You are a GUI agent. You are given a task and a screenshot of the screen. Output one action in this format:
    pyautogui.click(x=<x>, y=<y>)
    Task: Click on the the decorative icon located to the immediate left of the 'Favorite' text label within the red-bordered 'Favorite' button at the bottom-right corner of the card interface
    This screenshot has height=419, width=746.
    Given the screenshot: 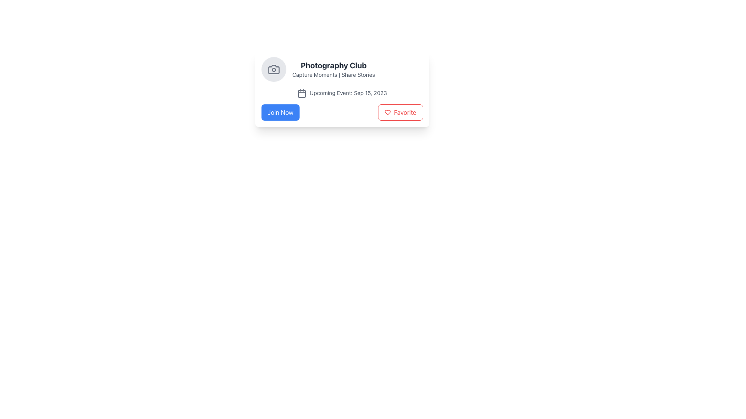 What is the action you would take?
    pyautogui.click(x=388, y=112)
    